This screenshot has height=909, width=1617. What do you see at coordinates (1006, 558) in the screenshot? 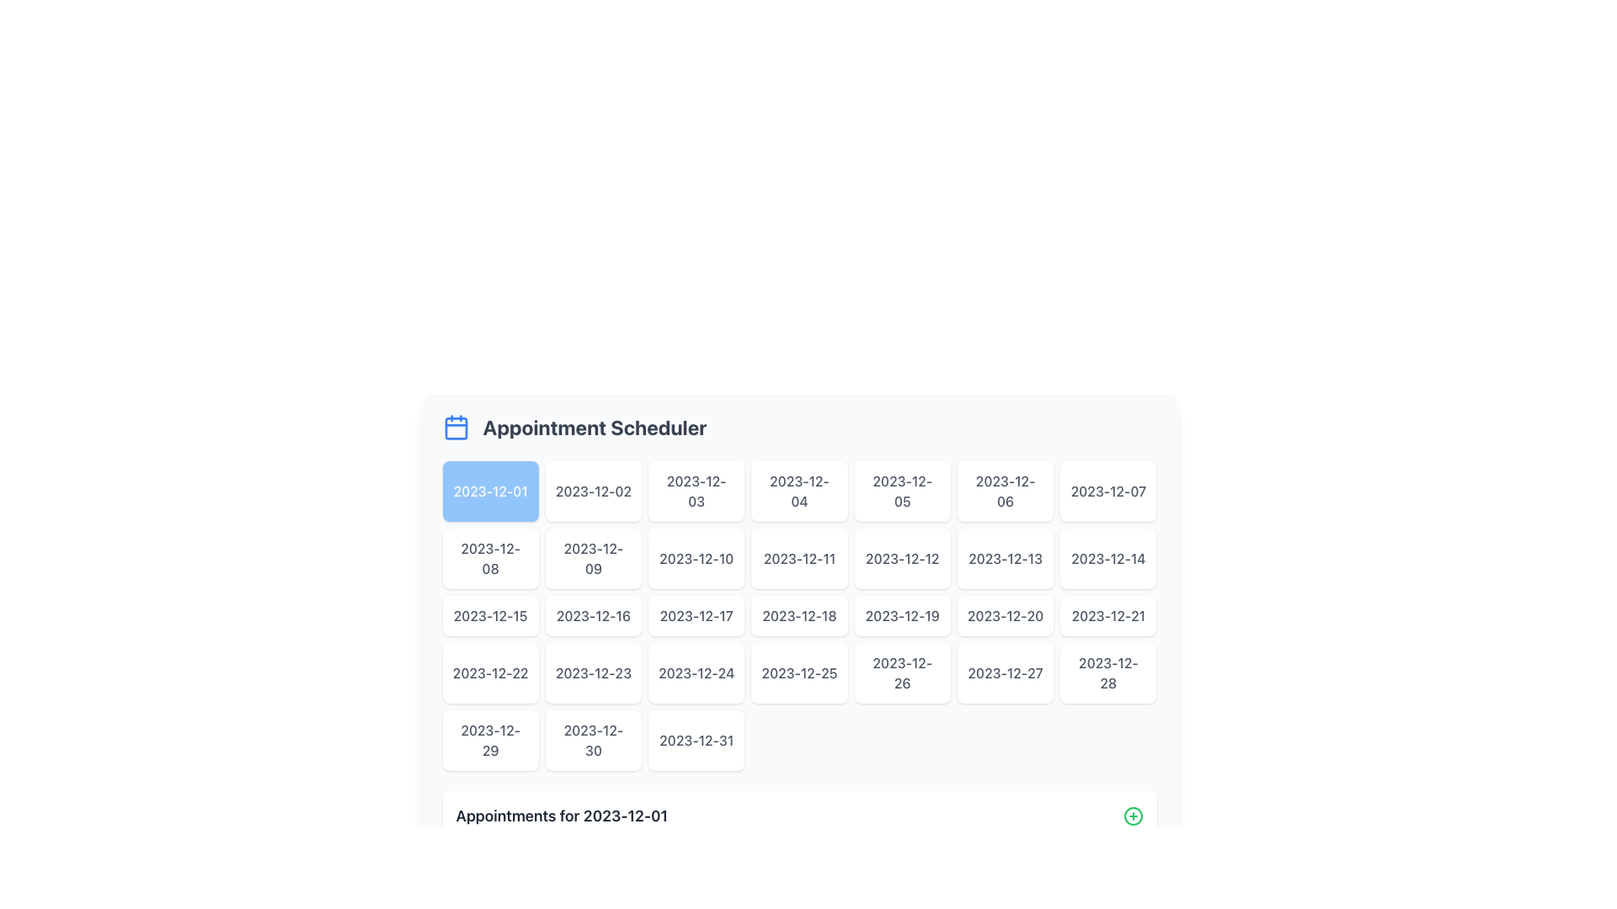
I see `the button displaying '2023-12-13'` at bounding box center [1006, 558].